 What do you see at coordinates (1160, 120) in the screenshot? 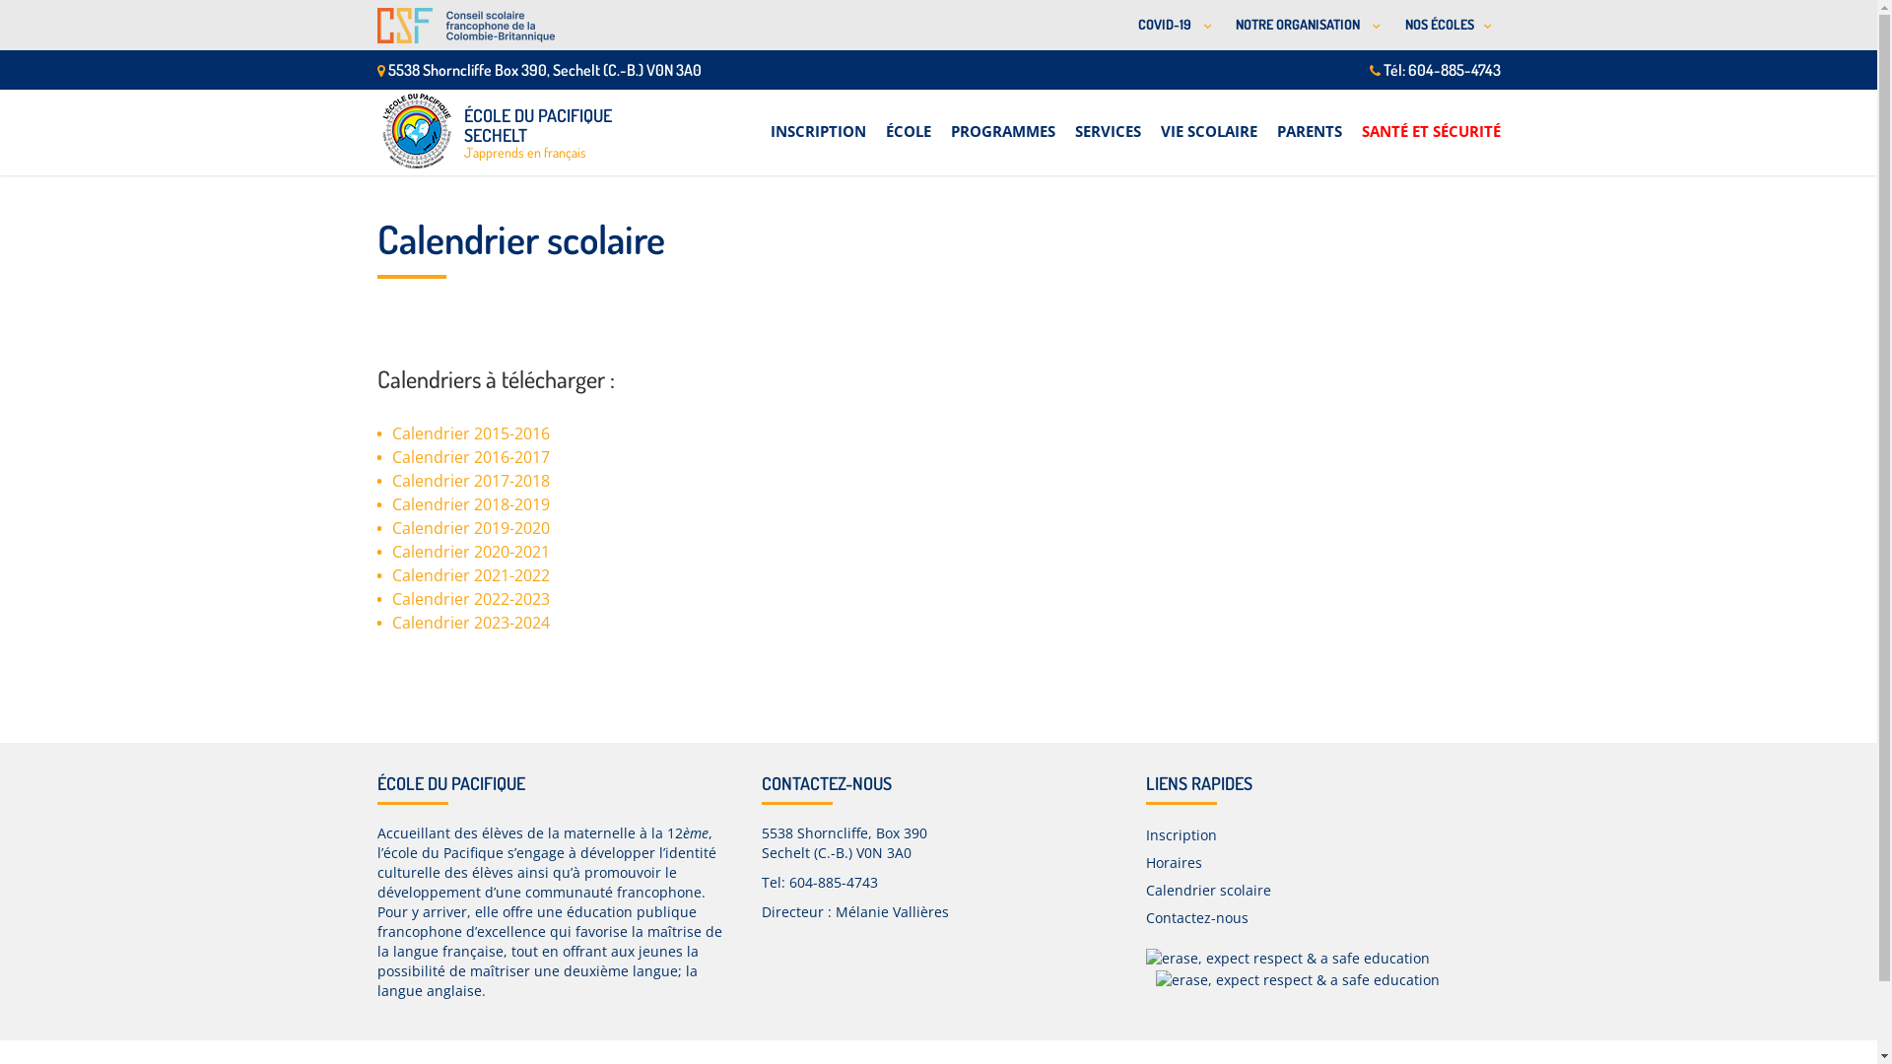
I see `'VIE SCOLAIRE'` at bounding box center [1160, 120].